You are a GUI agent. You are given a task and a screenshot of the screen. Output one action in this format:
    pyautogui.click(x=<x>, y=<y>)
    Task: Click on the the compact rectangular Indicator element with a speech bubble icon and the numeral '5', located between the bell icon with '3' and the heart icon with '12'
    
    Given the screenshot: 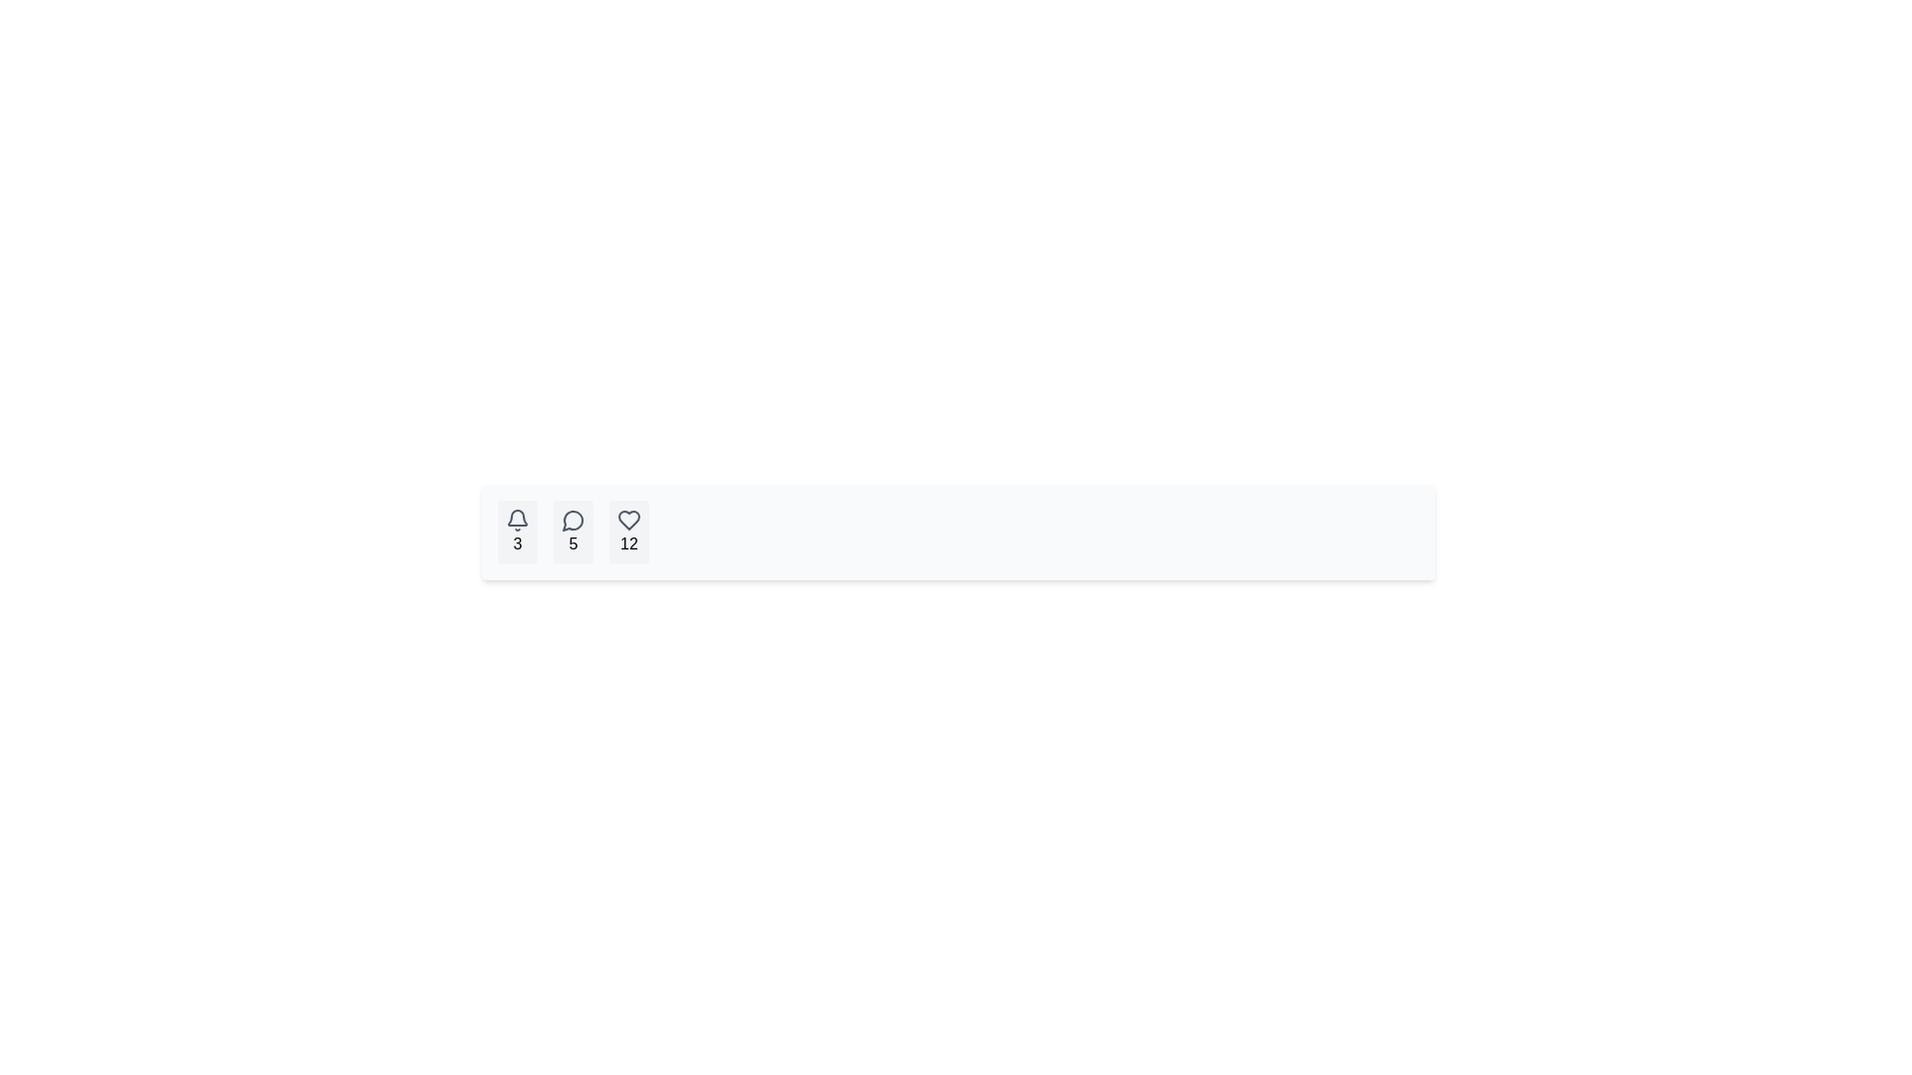 What is the action you would take?
    pyautogui.click(x=573, y=532)
    